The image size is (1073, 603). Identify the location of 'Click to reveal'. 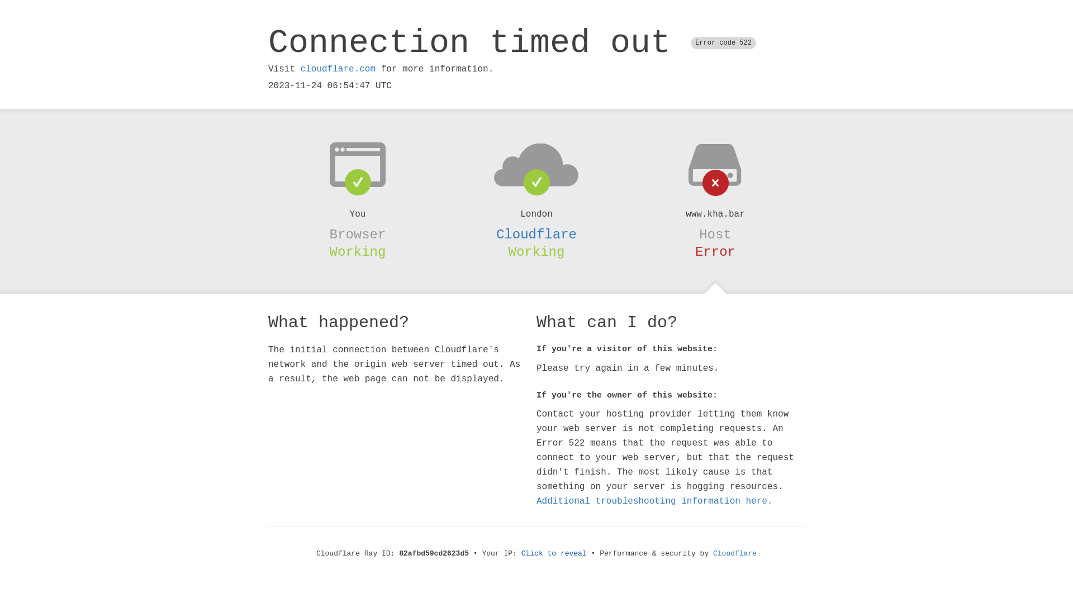
(554, 553).